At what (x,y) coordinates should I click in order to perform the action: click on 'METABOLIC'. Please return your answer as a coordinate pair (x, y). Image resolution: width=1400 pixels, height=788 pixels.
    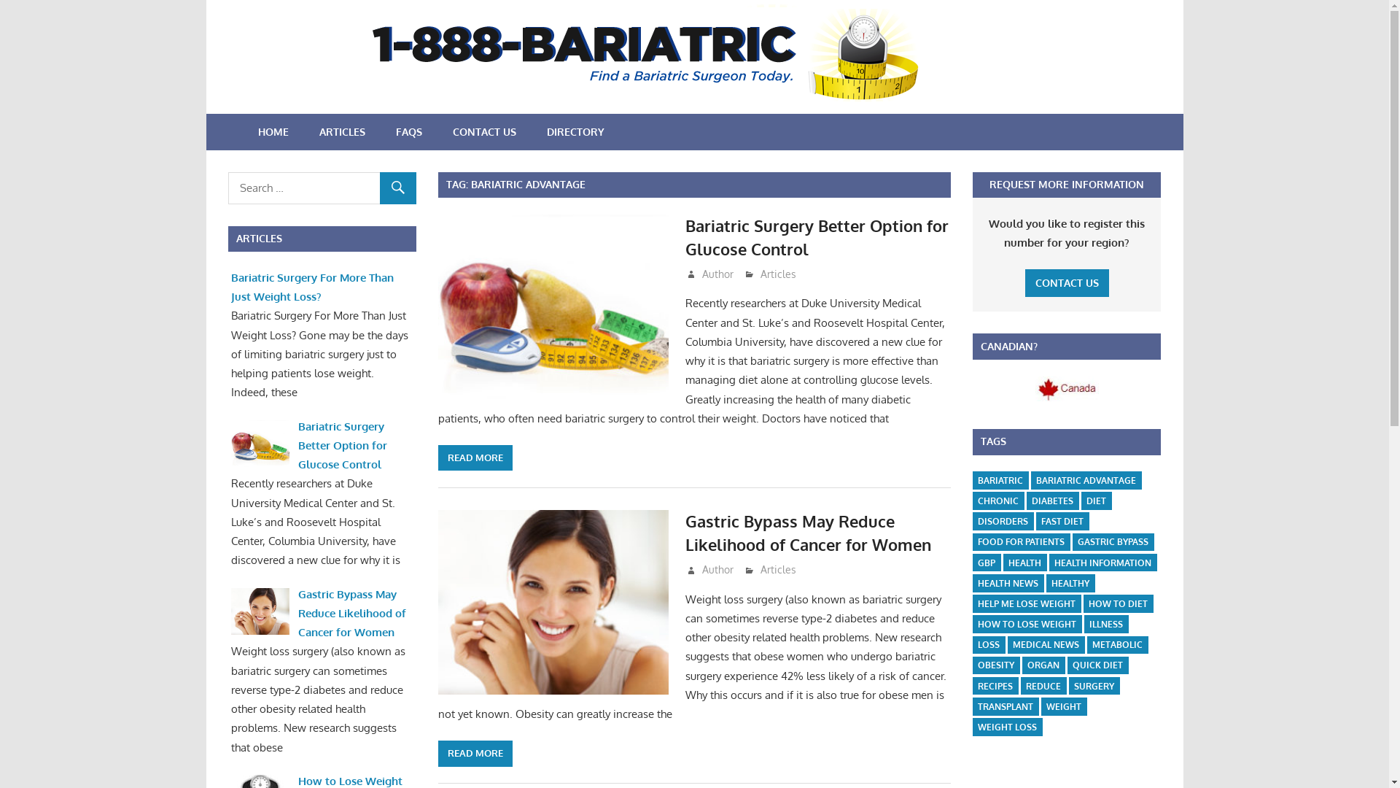
    Looking at the image, I should click on (1116, 644).